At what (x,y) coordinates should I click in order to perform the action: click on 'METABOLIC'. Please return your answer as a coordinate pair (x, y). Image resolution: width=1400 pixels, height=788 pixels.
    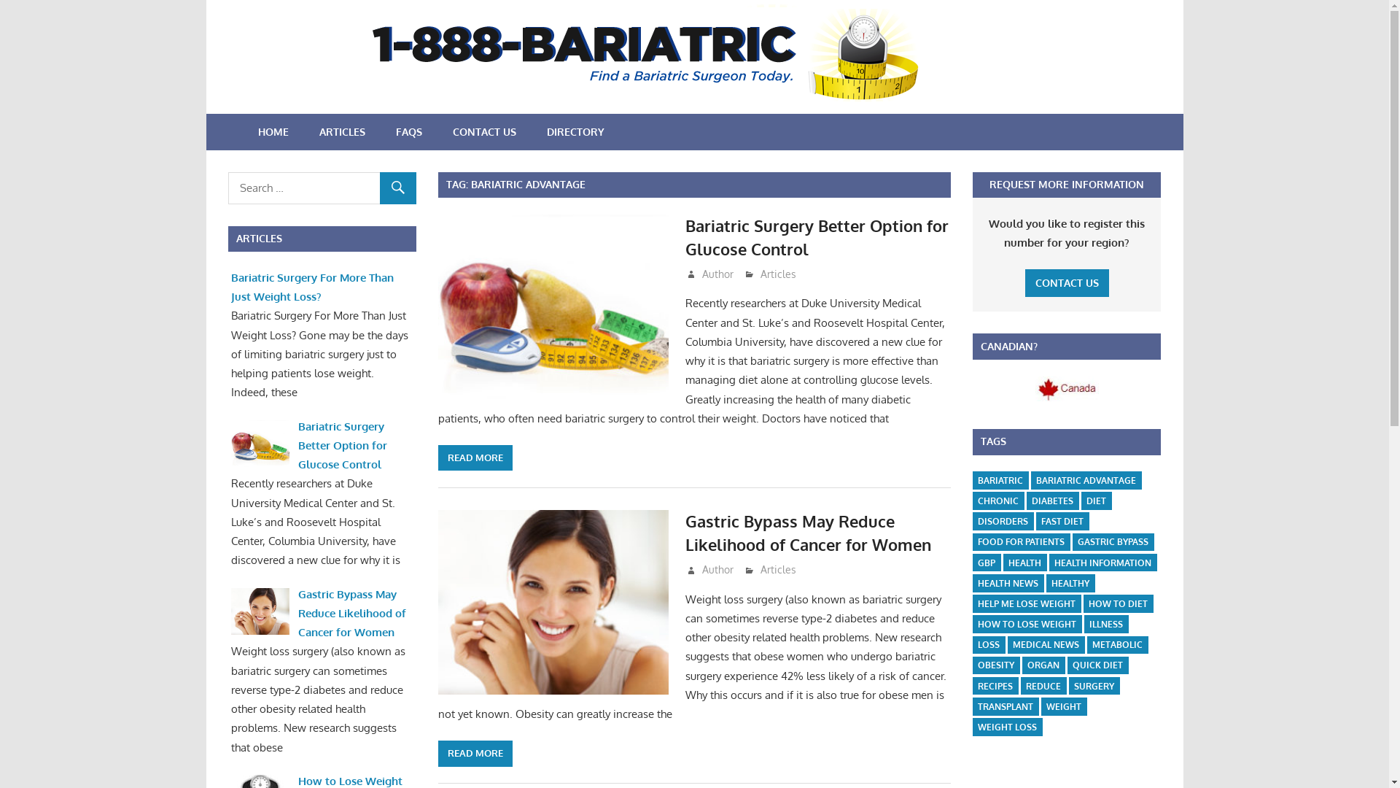
    Looking at the image, I should click on (1116, 644).